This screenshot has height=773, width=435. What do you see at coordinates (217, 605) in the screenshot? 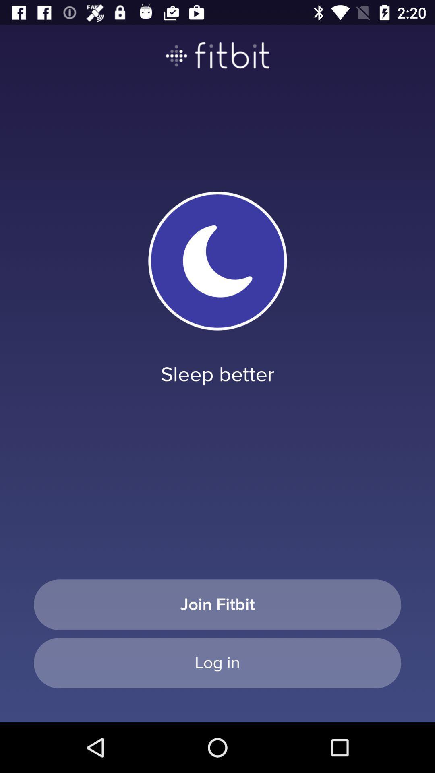
I see `join fitbit item` at bounding box center [217, 605].